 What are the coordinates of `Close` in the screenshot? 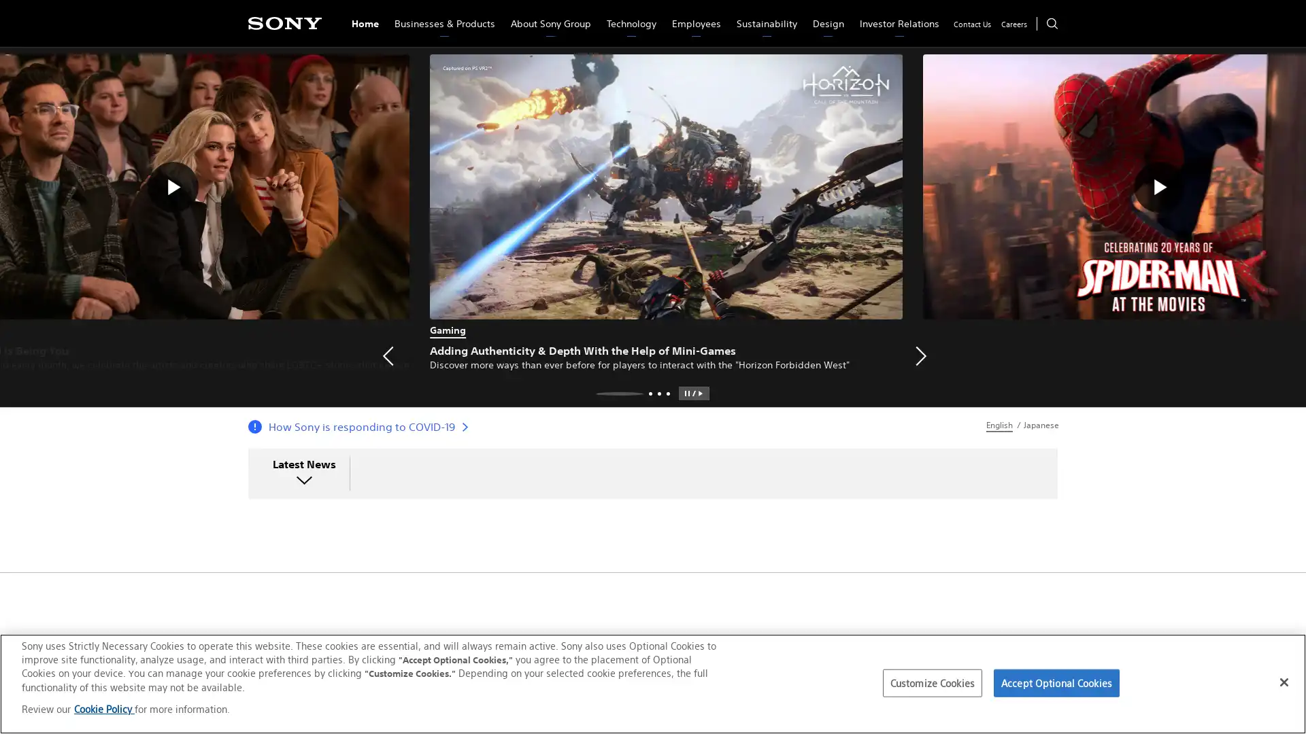 It's located at (1283, 681).